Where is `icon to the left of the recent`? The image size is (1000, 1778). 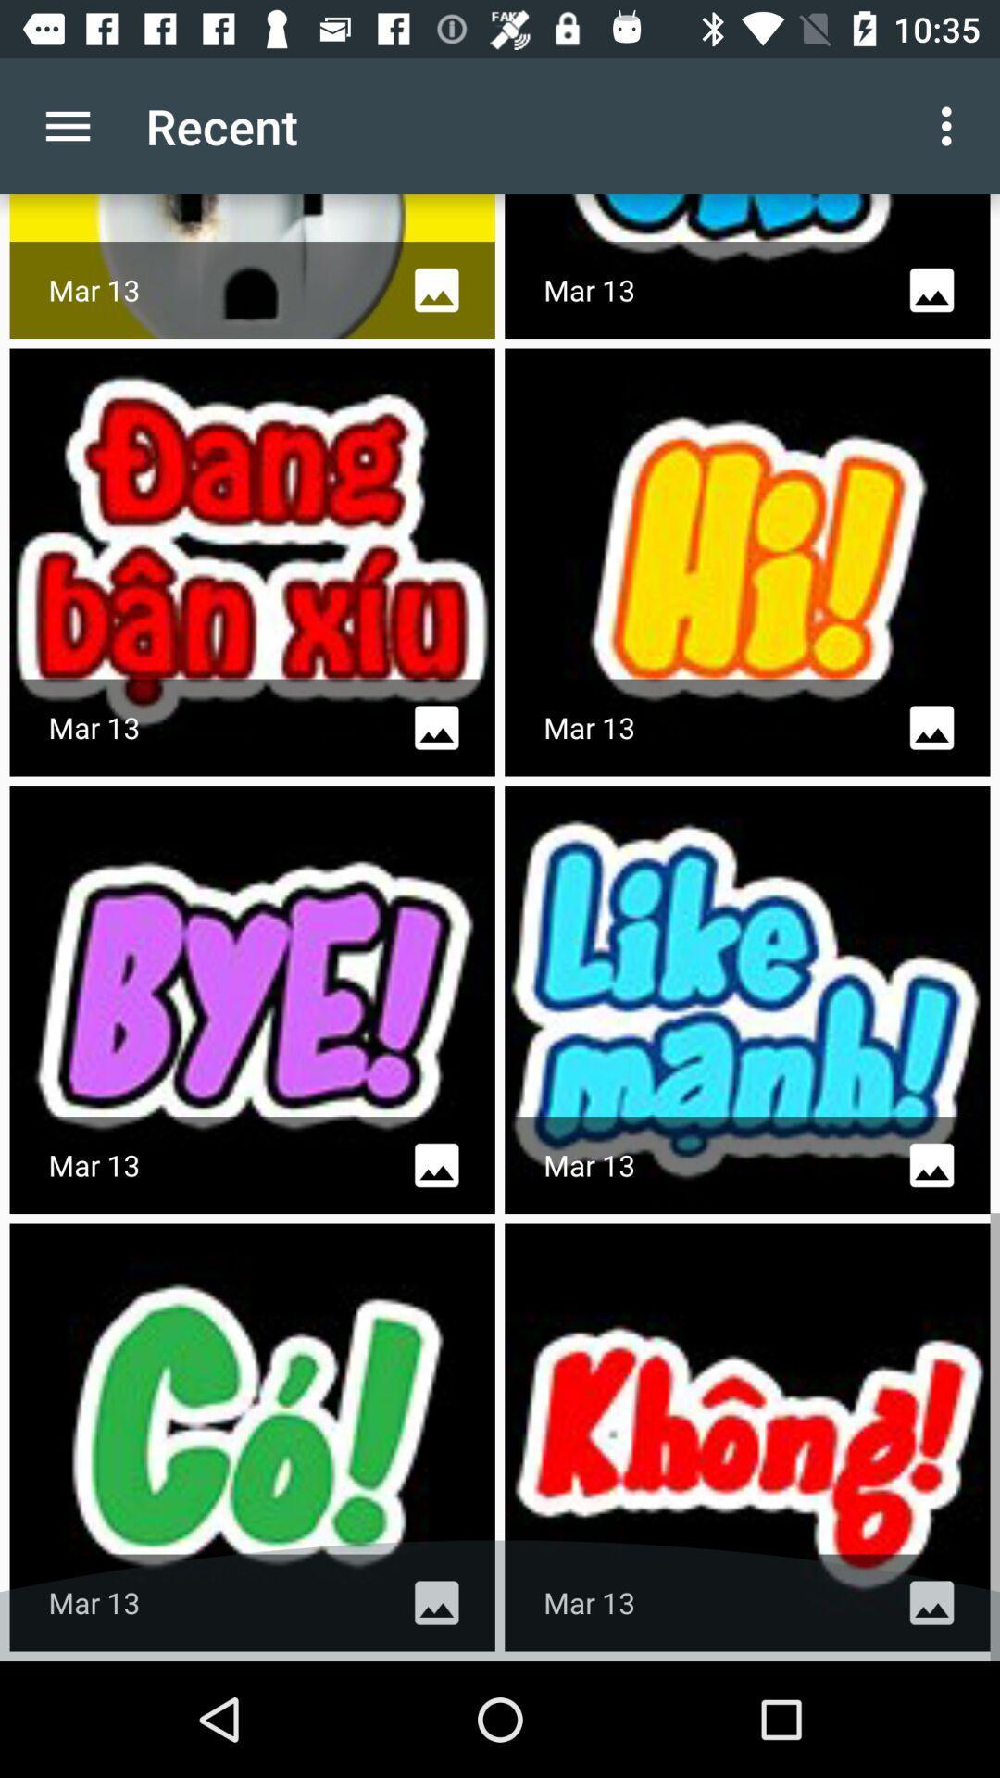
icon to the left of the recent is located at coordinates (67, 125).